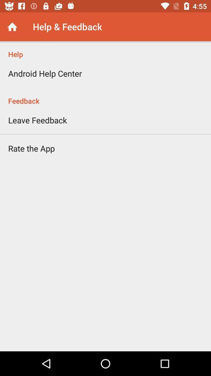 The height and width of the screenshot is (376, 211). Describe the element at coordinates (12, 27) in the screenshot. I see `the item above the help item` at that location.